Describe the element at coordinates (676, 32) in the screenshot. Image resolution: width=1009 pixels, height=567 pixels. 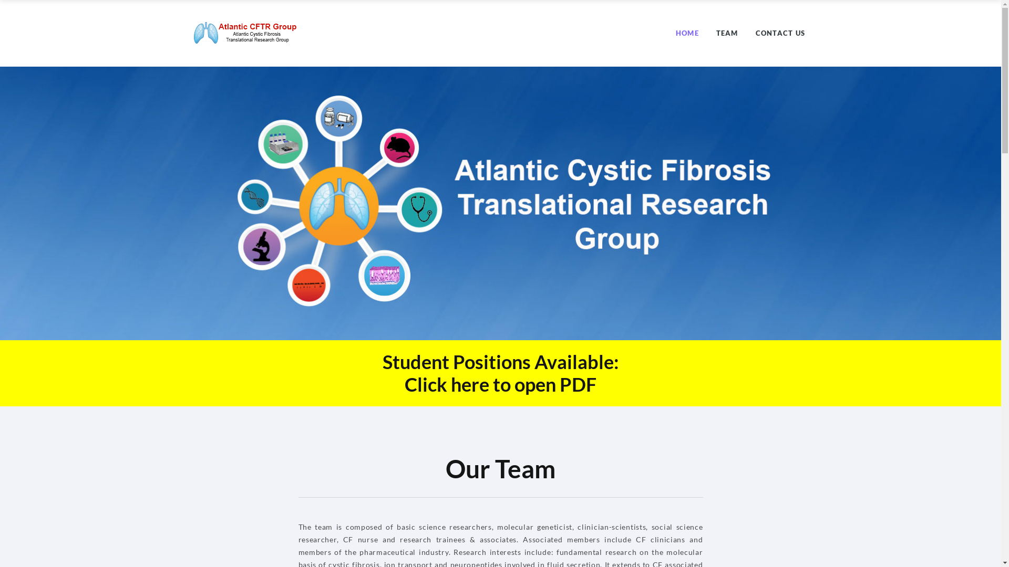
I see `'HOME'` at that location.